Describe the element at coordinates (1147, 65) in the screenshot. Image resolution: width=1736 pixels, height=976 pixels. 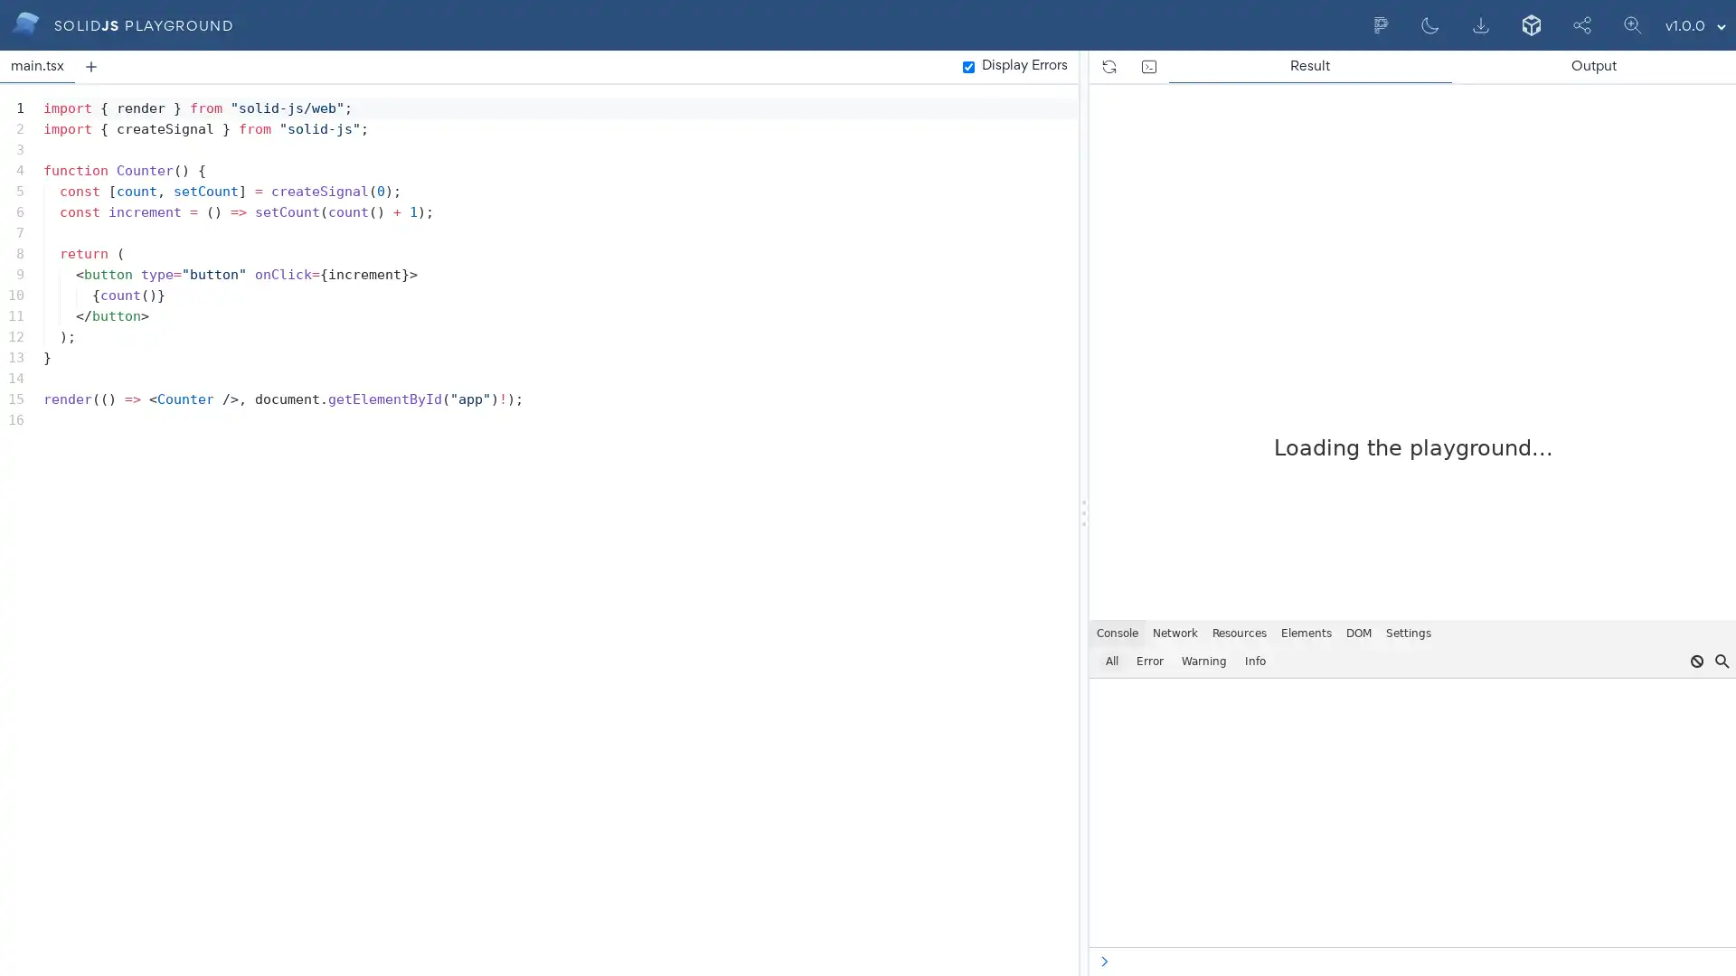
I see `Open the devtools` at that location.